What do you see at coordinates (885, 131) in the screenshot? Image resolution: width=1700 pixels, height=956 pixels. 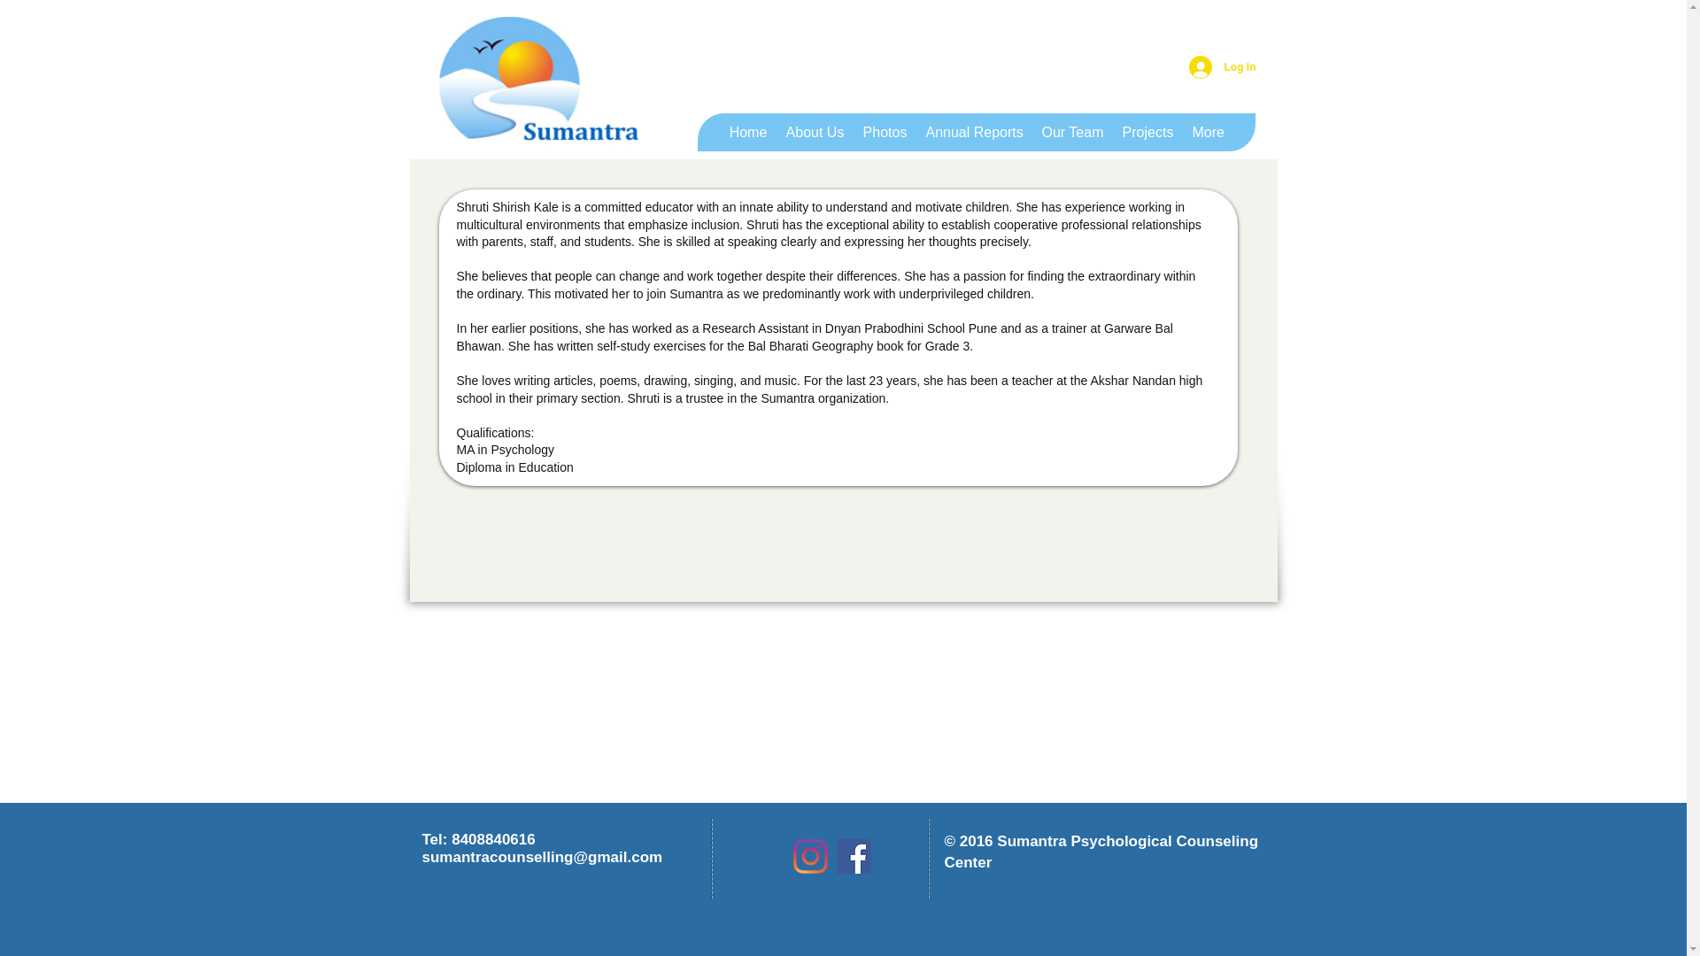 I see `'Photos'` at bounding box center [885, 131].